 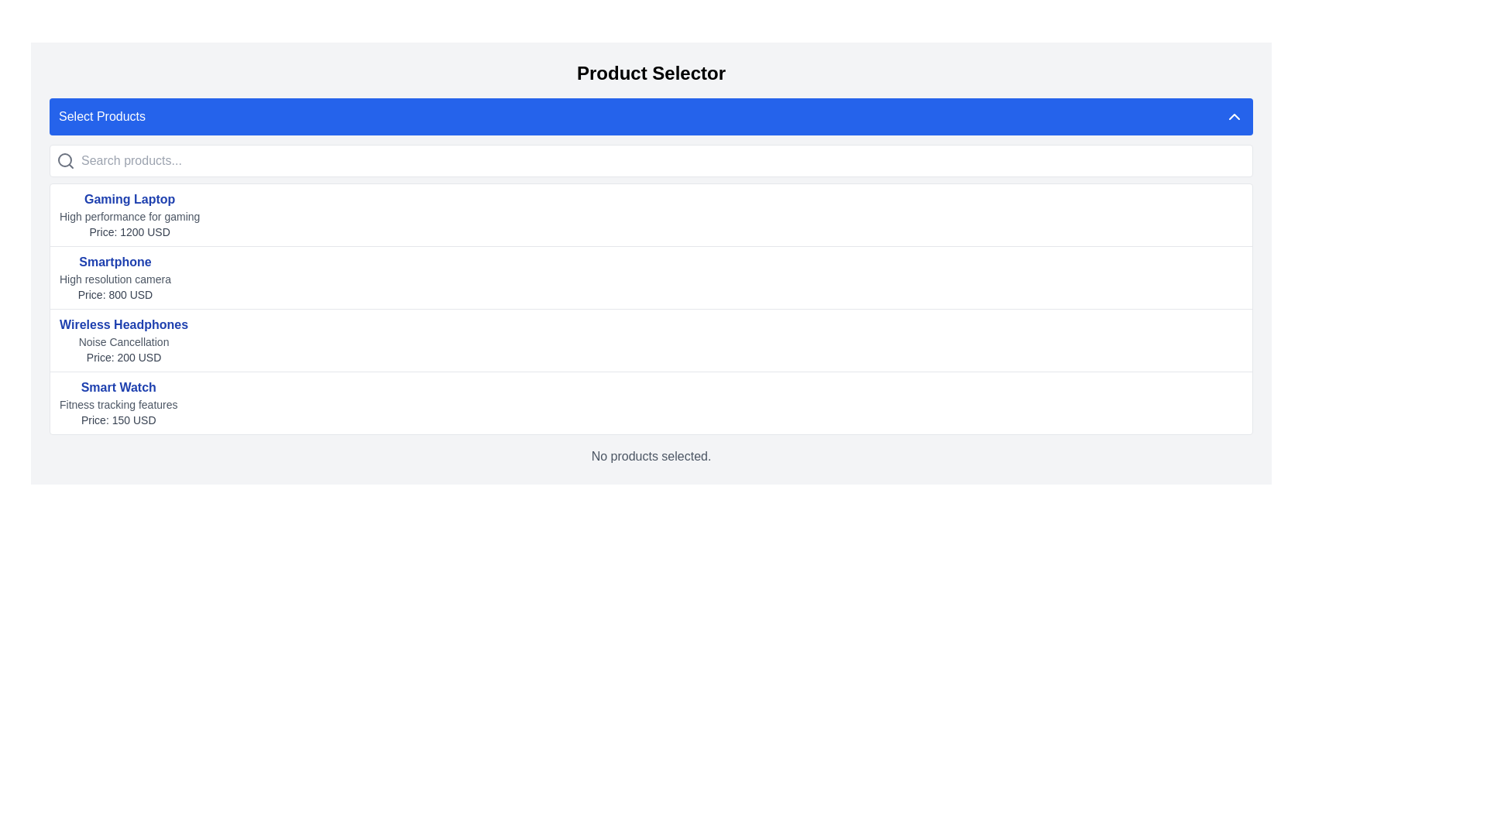 What do you see at coordinates (118, 404) in the screenshot?
I see `supplementary information text label that displays 'Fitness tracking features', which is styled in a smaller gray font, located under the 'Smart Watch' heading and above the 'Price: 150 USD'` at bounding box center [118, 404].